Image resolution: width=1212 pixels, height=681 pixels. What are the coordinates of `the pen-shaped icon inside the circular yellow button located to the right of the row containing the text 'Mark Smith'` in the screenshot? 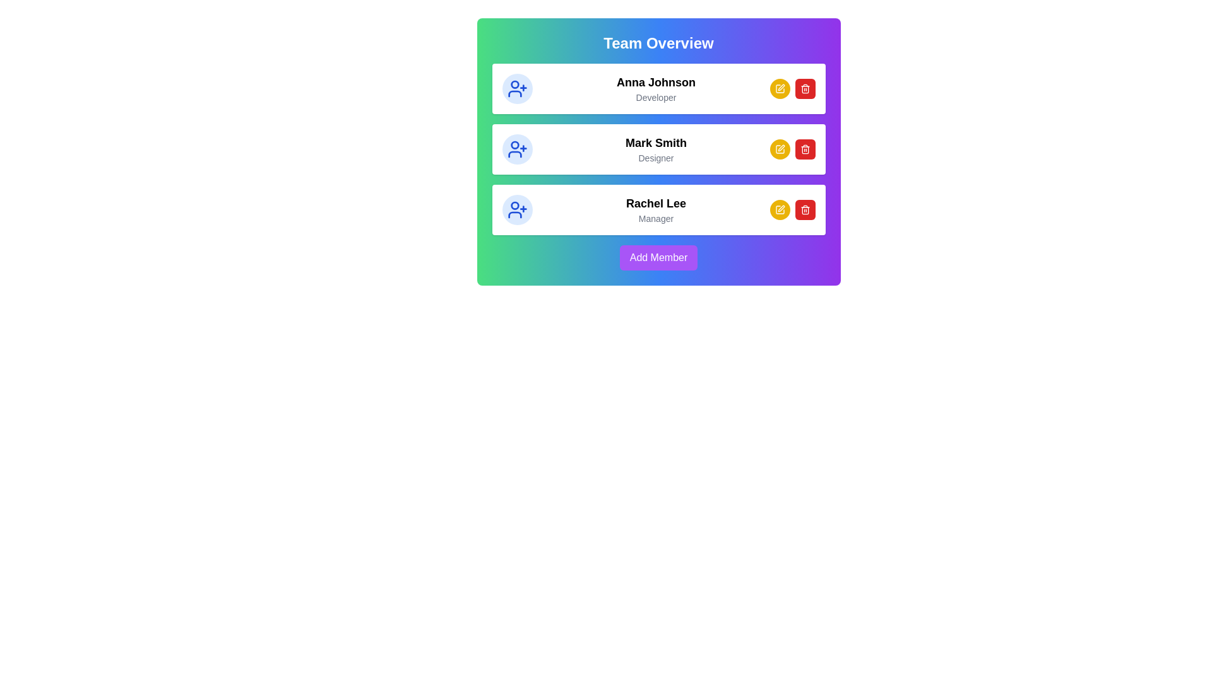 It's located at (779, 148).